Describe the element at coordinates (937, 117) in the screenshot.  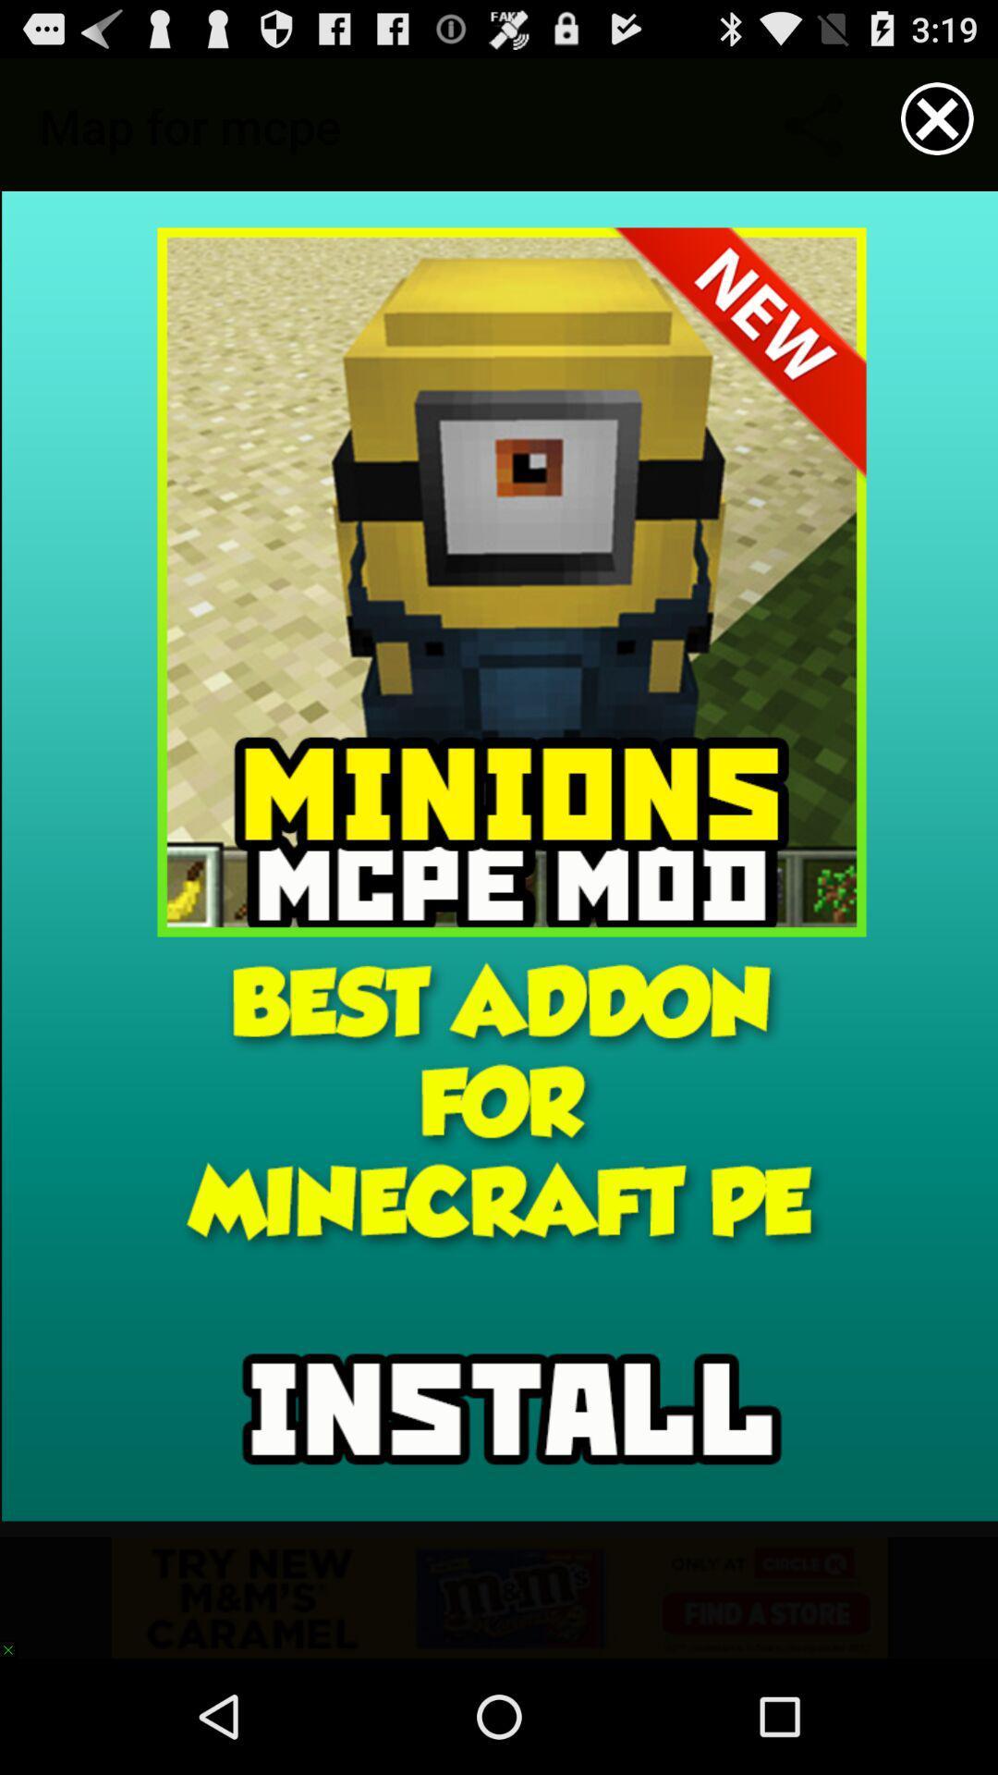
I see `current page` at that location.